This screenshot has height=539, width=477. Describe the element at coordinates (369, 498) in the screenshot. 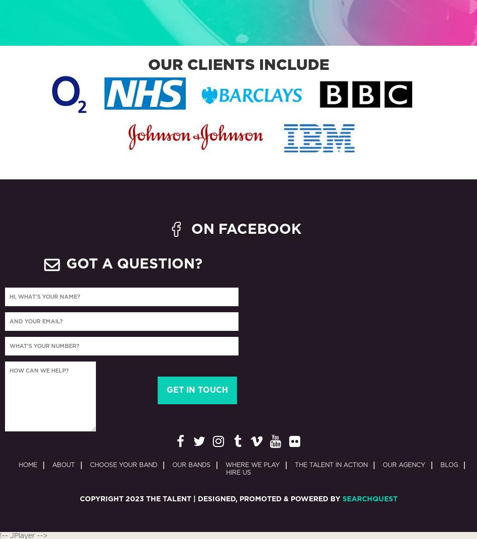

I see `'SearchQuest'` at that location.